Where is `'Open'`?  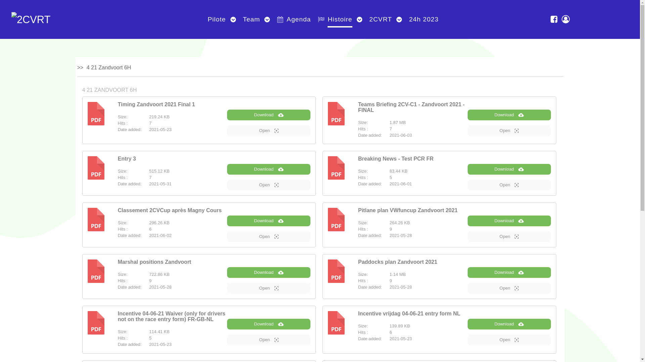 'Open' is located at coordinates (227, 340).